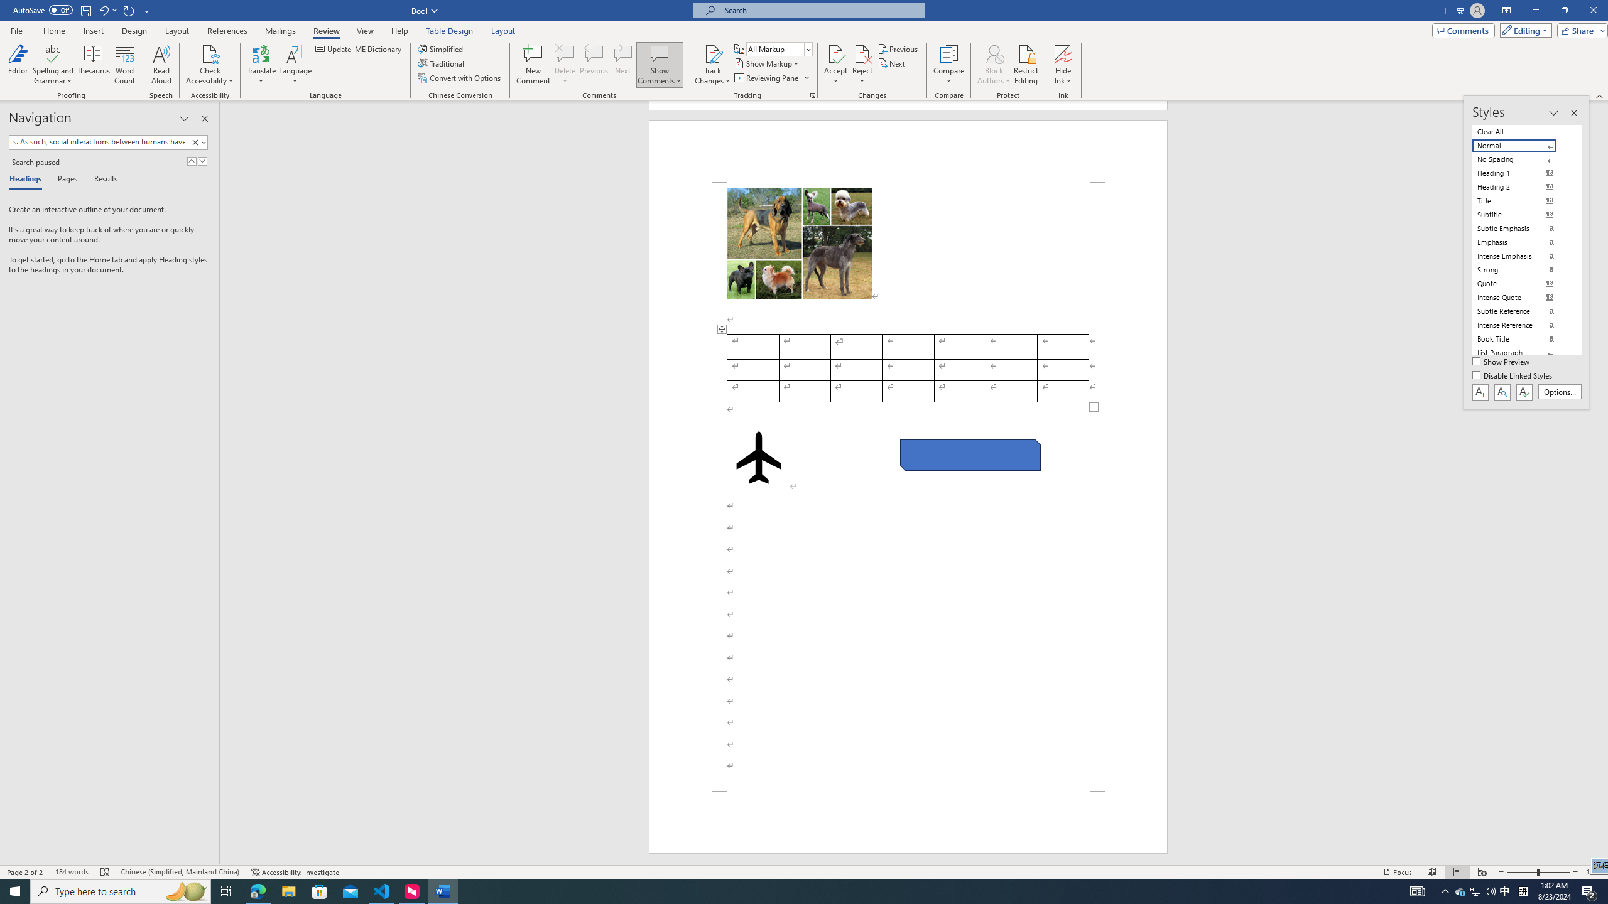  I want to click on 'Repeat Style', so click(129, 9).